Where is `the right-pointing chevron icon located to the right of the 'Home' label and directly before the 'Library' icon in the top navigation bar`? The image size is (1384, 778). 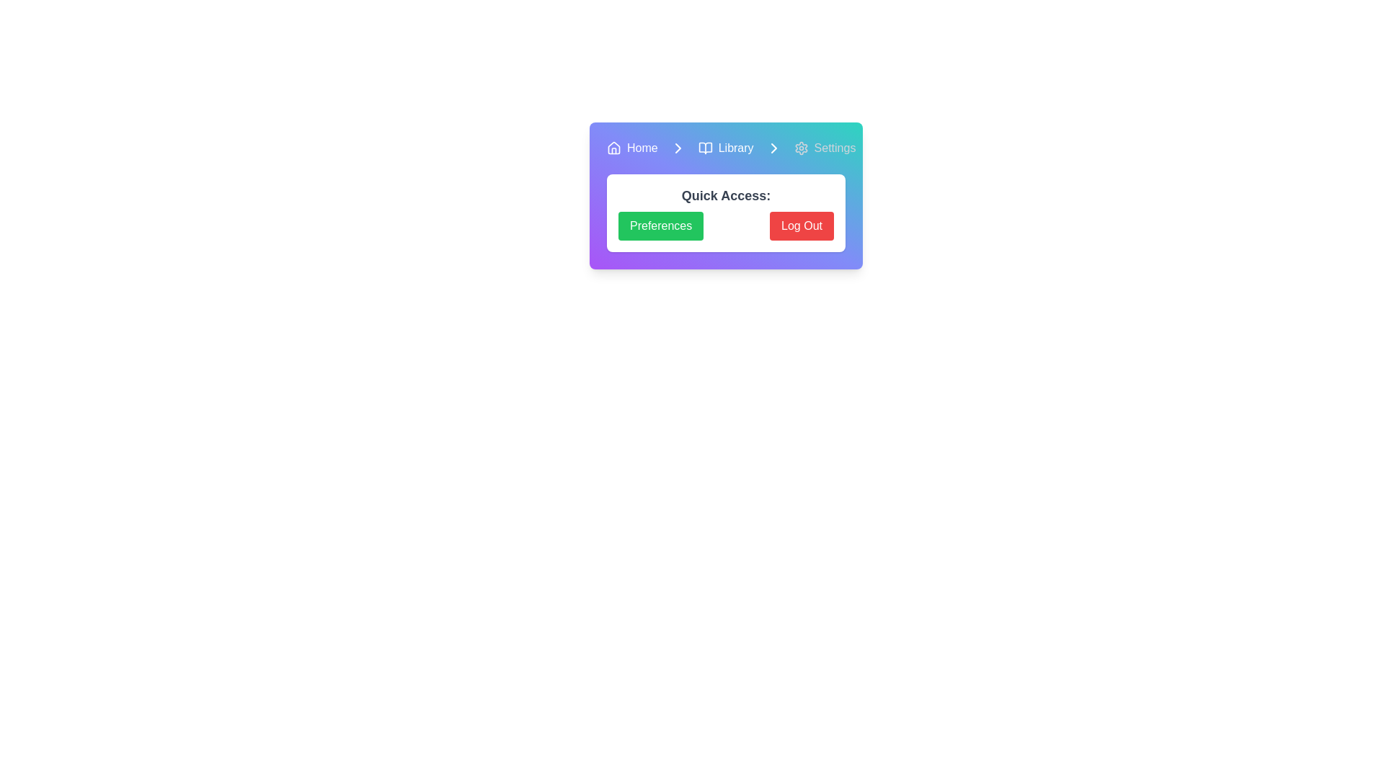
the right-pointing chevron icon located to the right of the 'Home' label and directly before the 'Library' icon in the top navigation bar is located at coordinates (677, 148).